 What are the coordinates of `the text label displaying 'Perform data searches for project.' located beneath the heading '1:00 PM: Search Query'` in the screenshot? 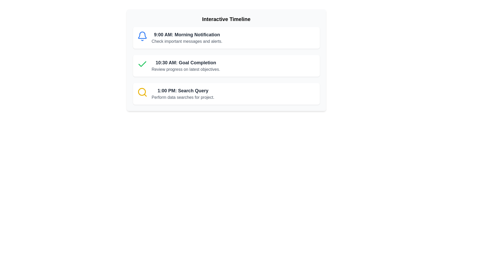 It's located at (183, 97).